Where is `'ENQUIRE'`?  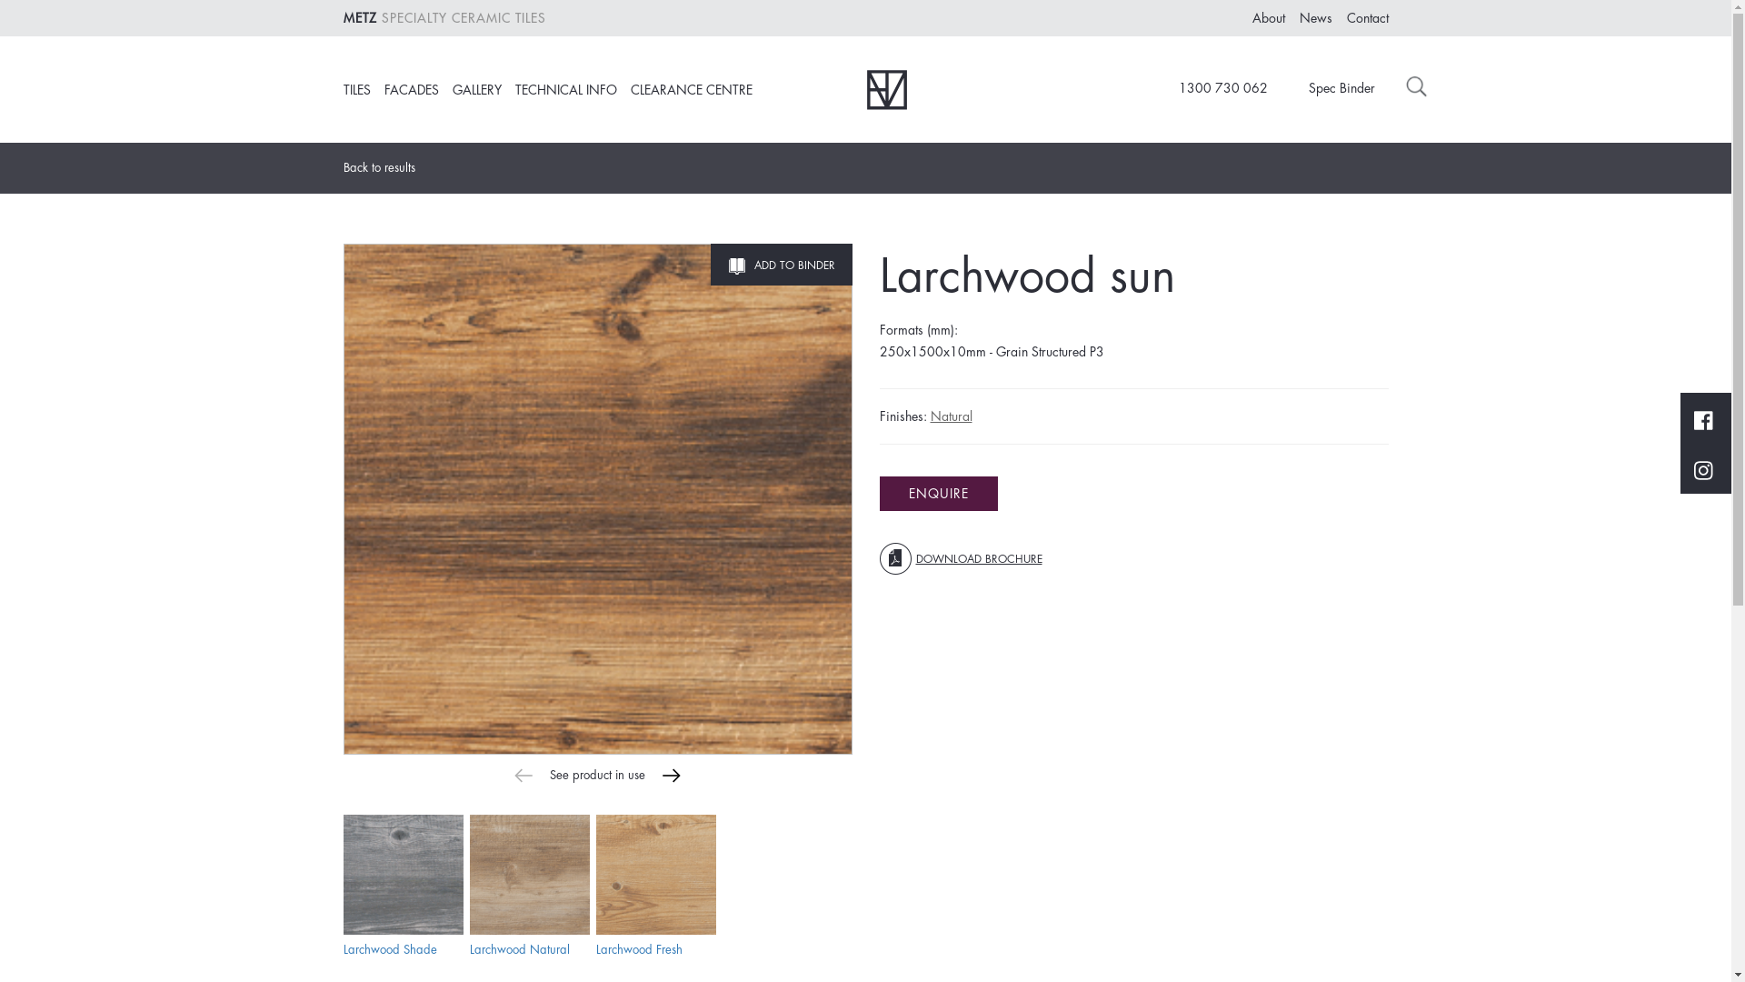 'ENQUIRE' is located at coordinates (938, 494).